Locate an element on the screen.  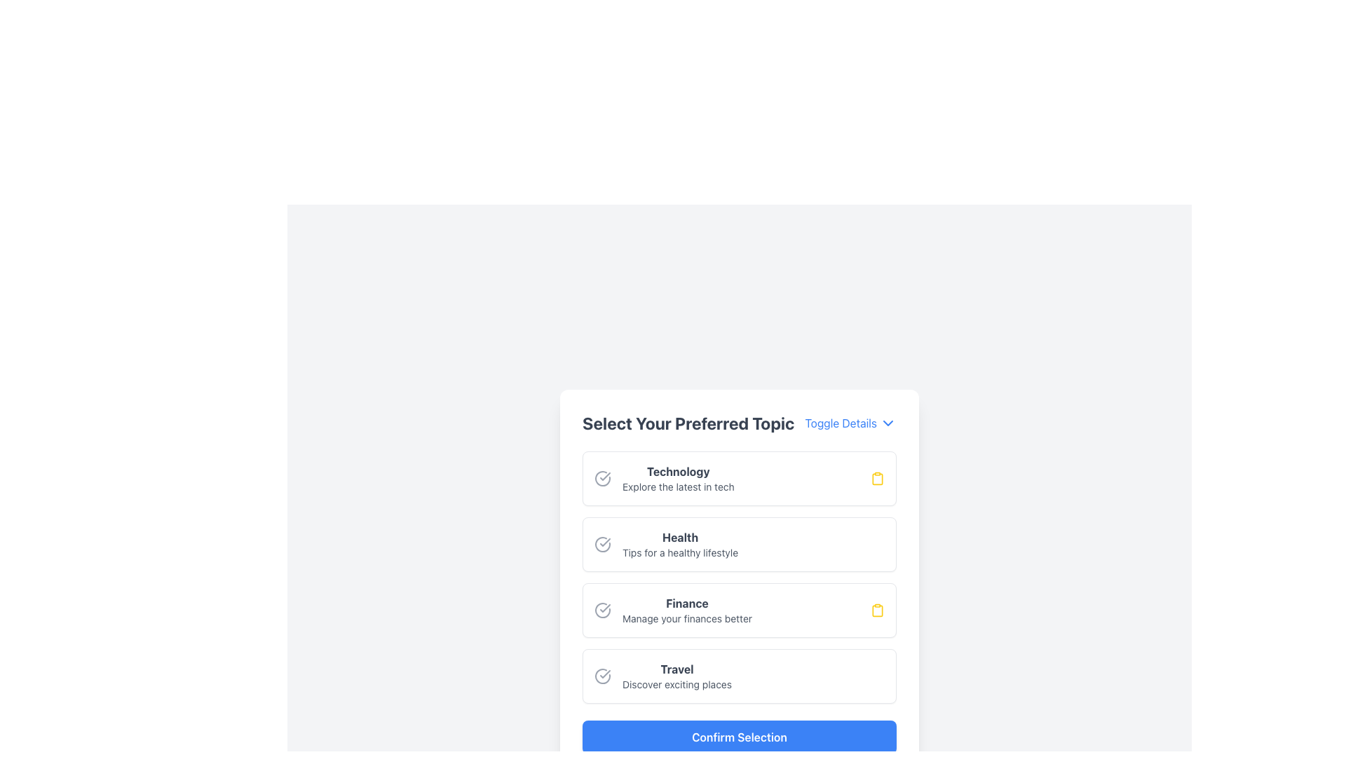
the 'Finance' card in the vertical list of topics, which is the third item between 'Health' and 'Travel' is located at coordinates (739, 610).